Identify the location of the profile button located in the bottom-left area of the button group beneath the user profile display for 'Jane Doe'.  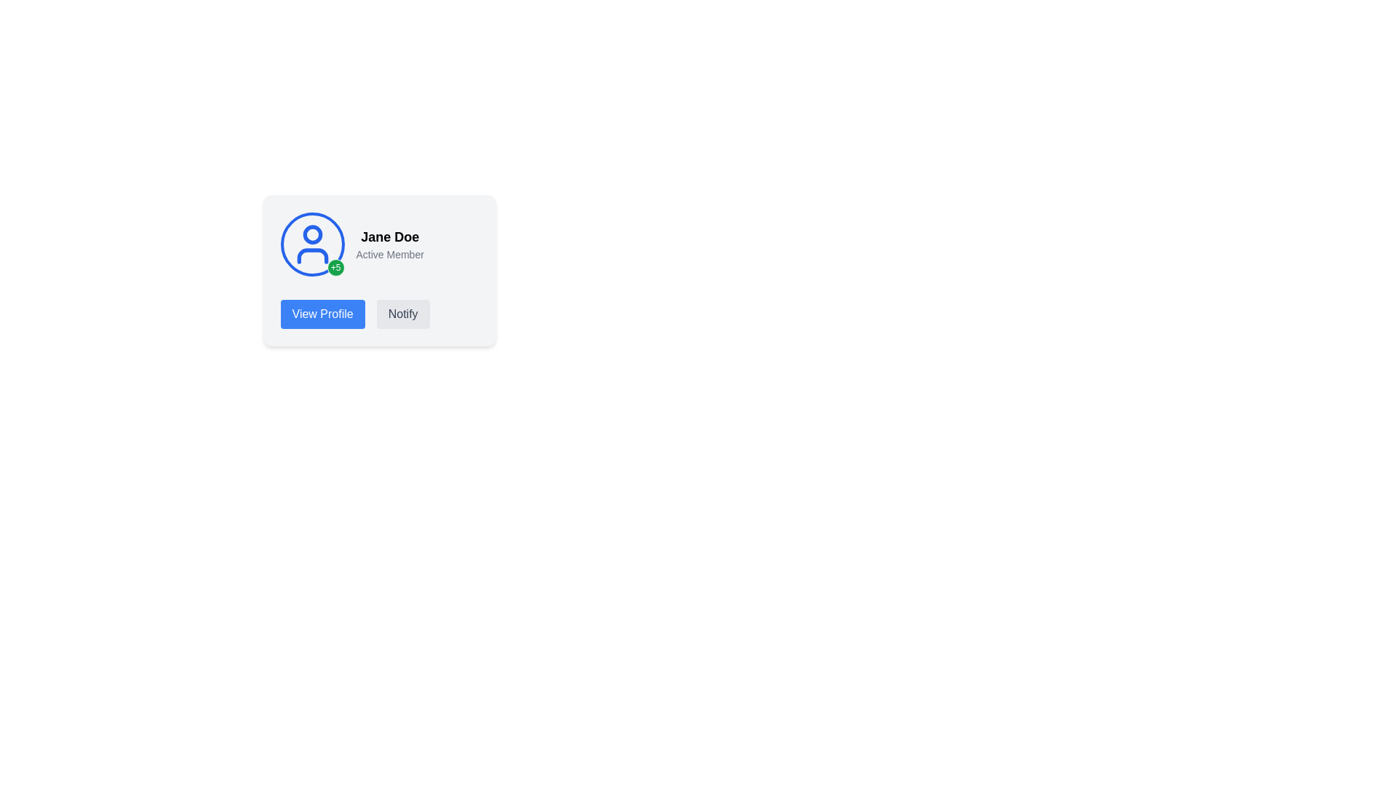
(322, 314).